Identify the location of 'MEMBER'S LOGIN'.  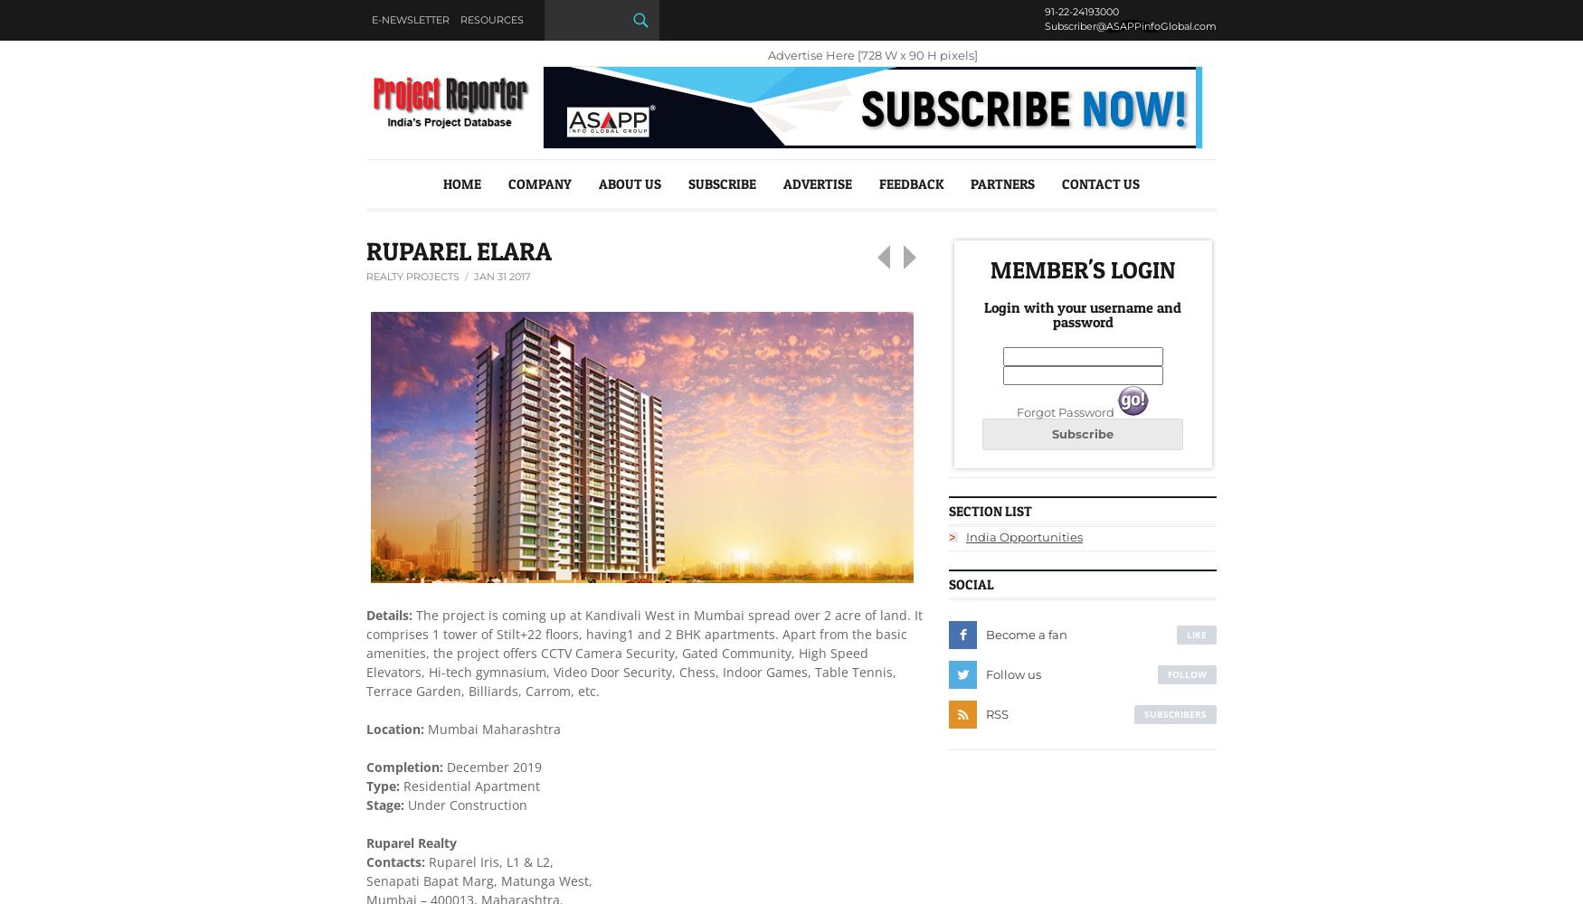
(1082, 268).